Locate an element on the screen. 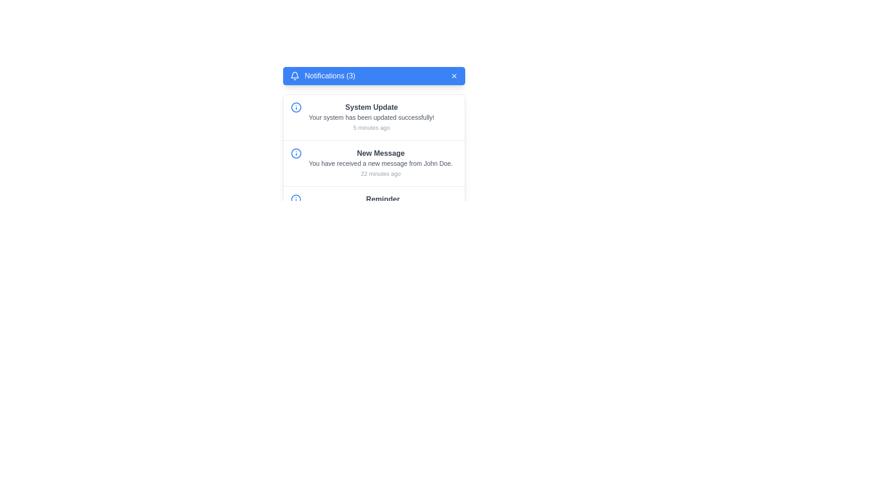 Image resolution: width=874 pixels, height=492 pixels. the 'New Message' text label in the second notification of the 'Notifications (3)' panel, which is styled in bold dark gray and appears just below 'System Update' is located at coordinates (381, 153).